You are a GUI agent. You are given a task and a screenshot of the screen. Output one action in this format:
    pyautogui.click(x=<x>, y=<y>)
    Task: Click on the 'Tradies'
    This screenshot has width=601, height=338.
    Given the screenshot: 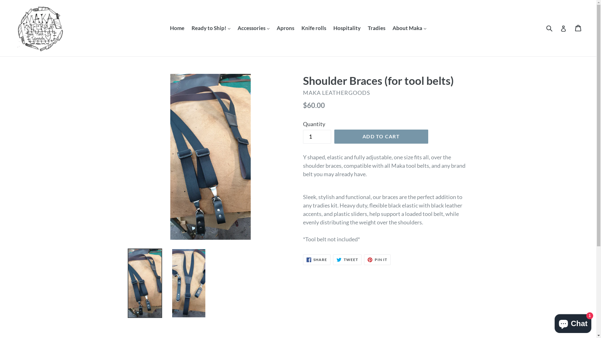 What is the action you would take?
    pyautogui.click(x=365, y=28)
    